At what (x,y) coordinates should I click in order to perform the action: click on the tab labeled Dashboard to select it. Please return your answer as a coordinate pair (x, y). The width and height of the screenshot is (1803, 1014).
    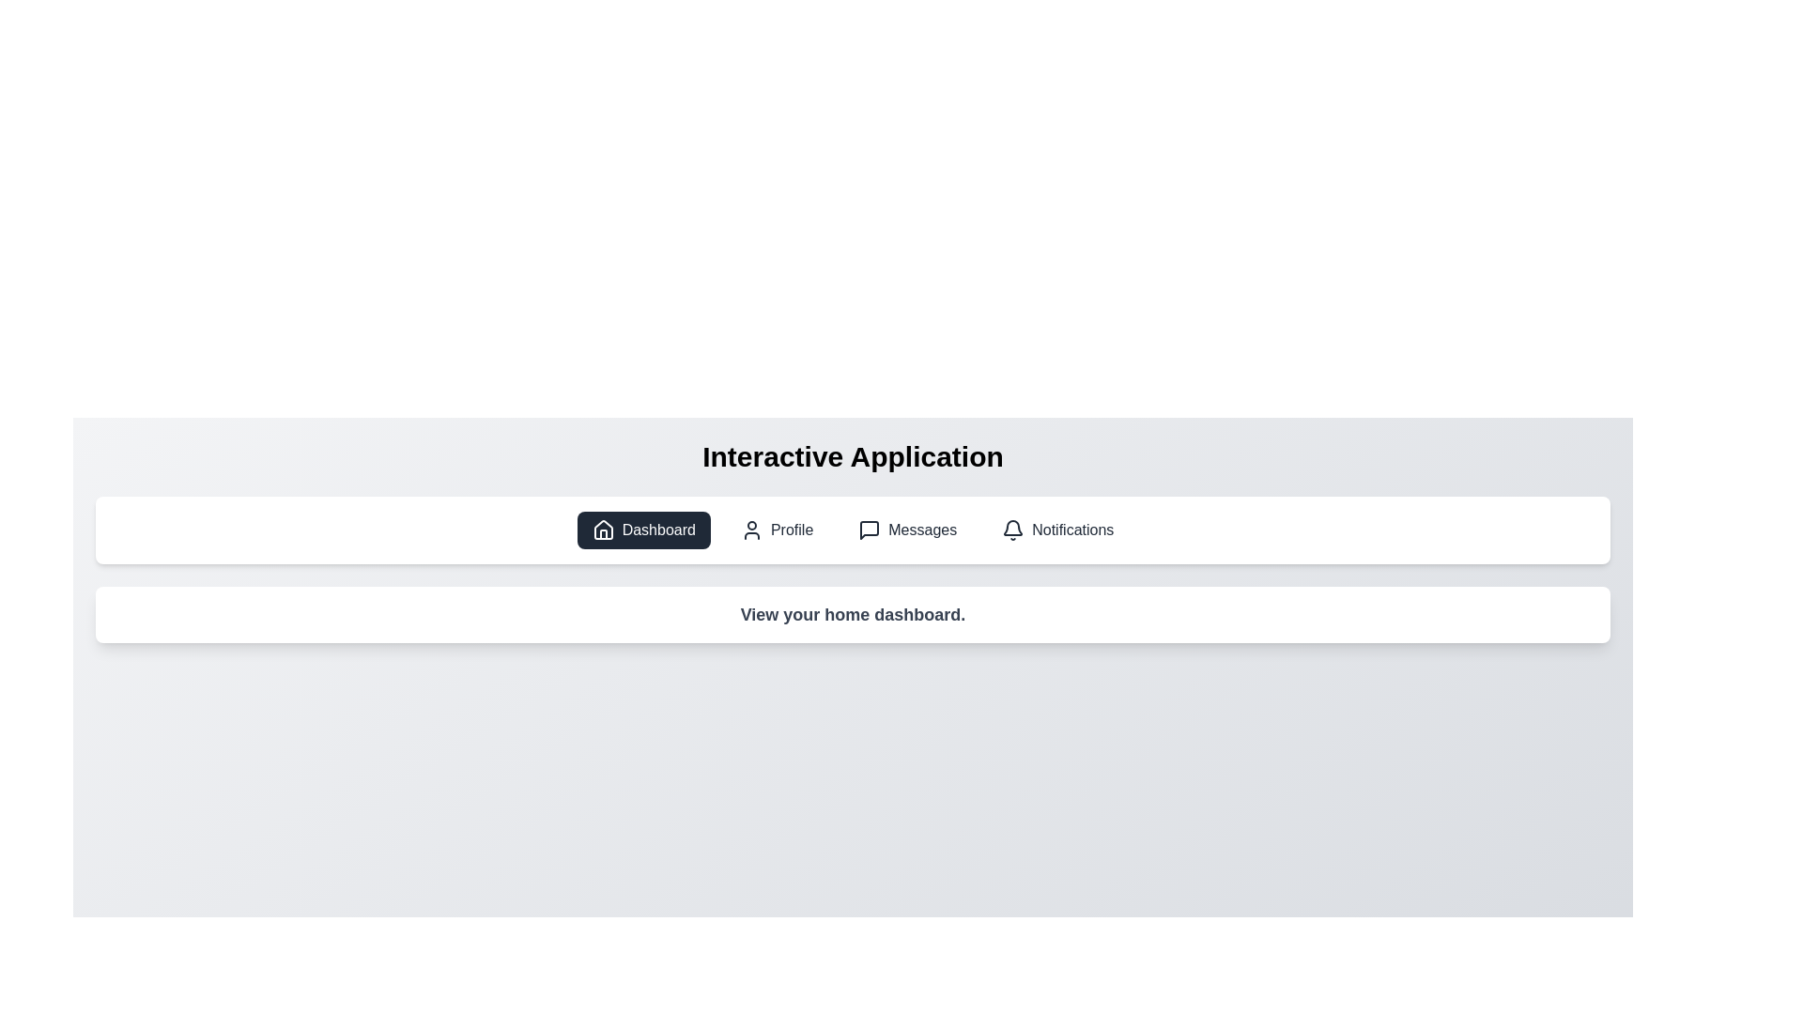
    Looking at the image, I should click on (643, 530).